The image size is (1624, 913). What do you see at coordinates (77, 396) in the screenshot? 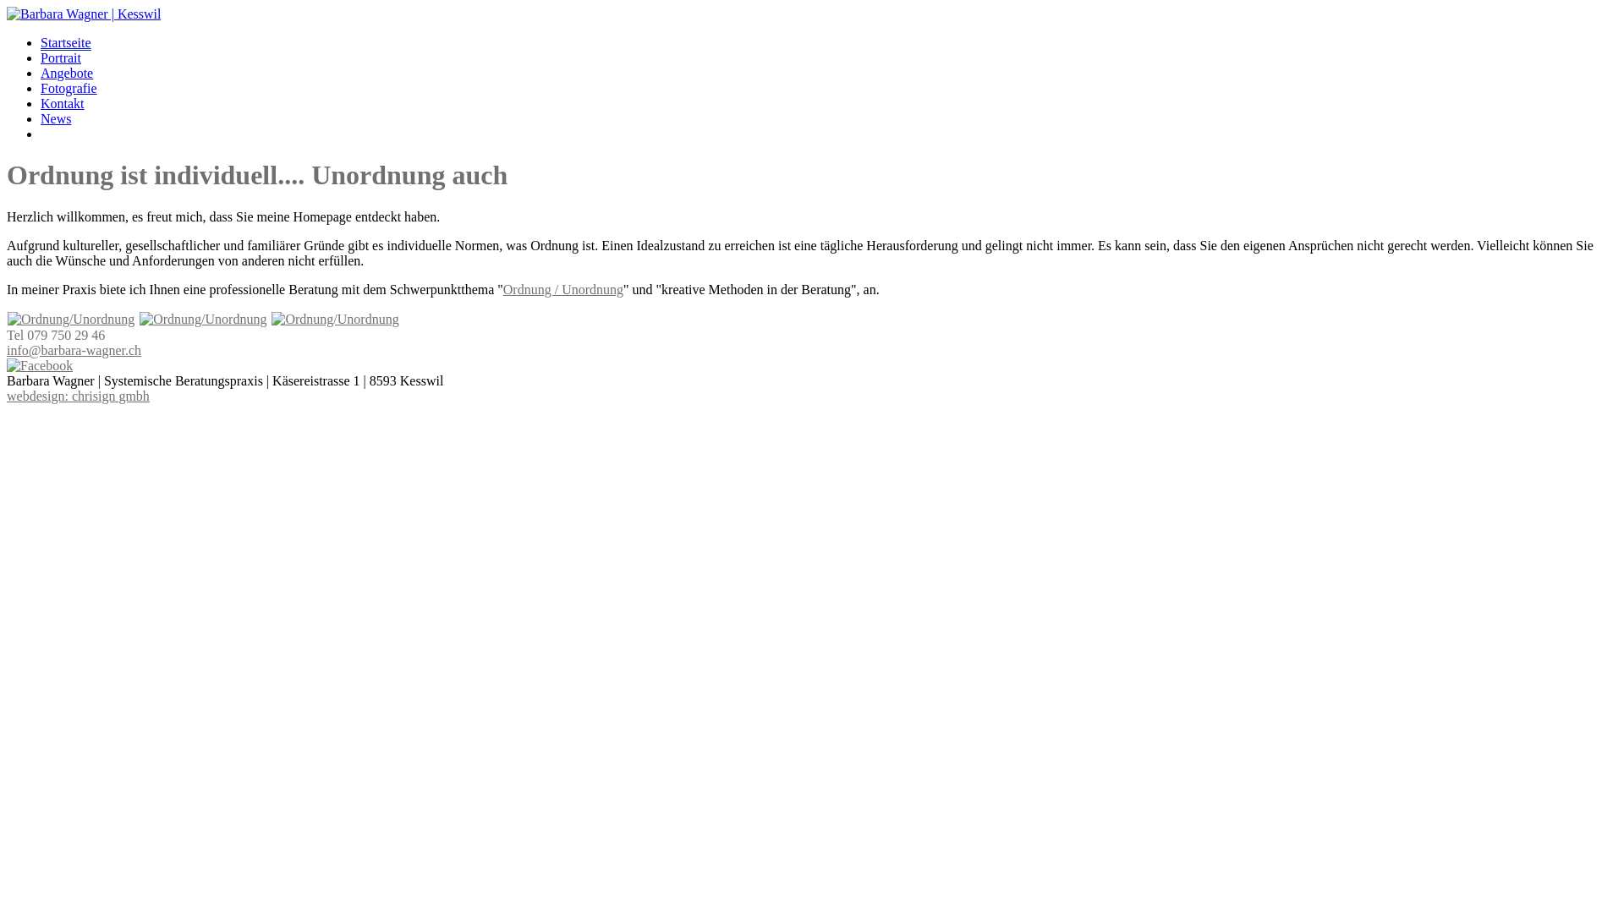
I see `'webdesign: chrisign gmbh'` at bounding box center [77, 396].